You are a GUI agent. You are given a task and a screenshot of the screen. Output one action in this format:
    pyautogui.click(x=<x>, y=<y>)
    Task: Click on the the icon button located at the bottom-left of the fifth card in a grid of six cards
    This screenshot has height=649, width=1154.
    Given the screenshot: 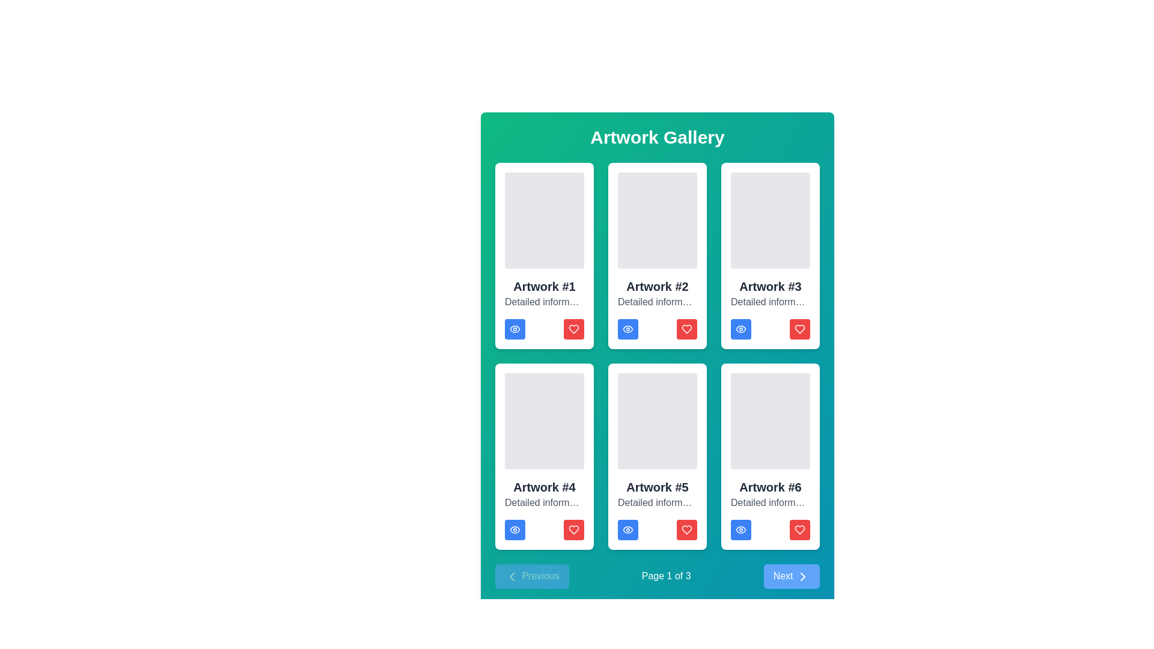 What is the action you would take?
    pyautogui.click(x=627, y=529)
    